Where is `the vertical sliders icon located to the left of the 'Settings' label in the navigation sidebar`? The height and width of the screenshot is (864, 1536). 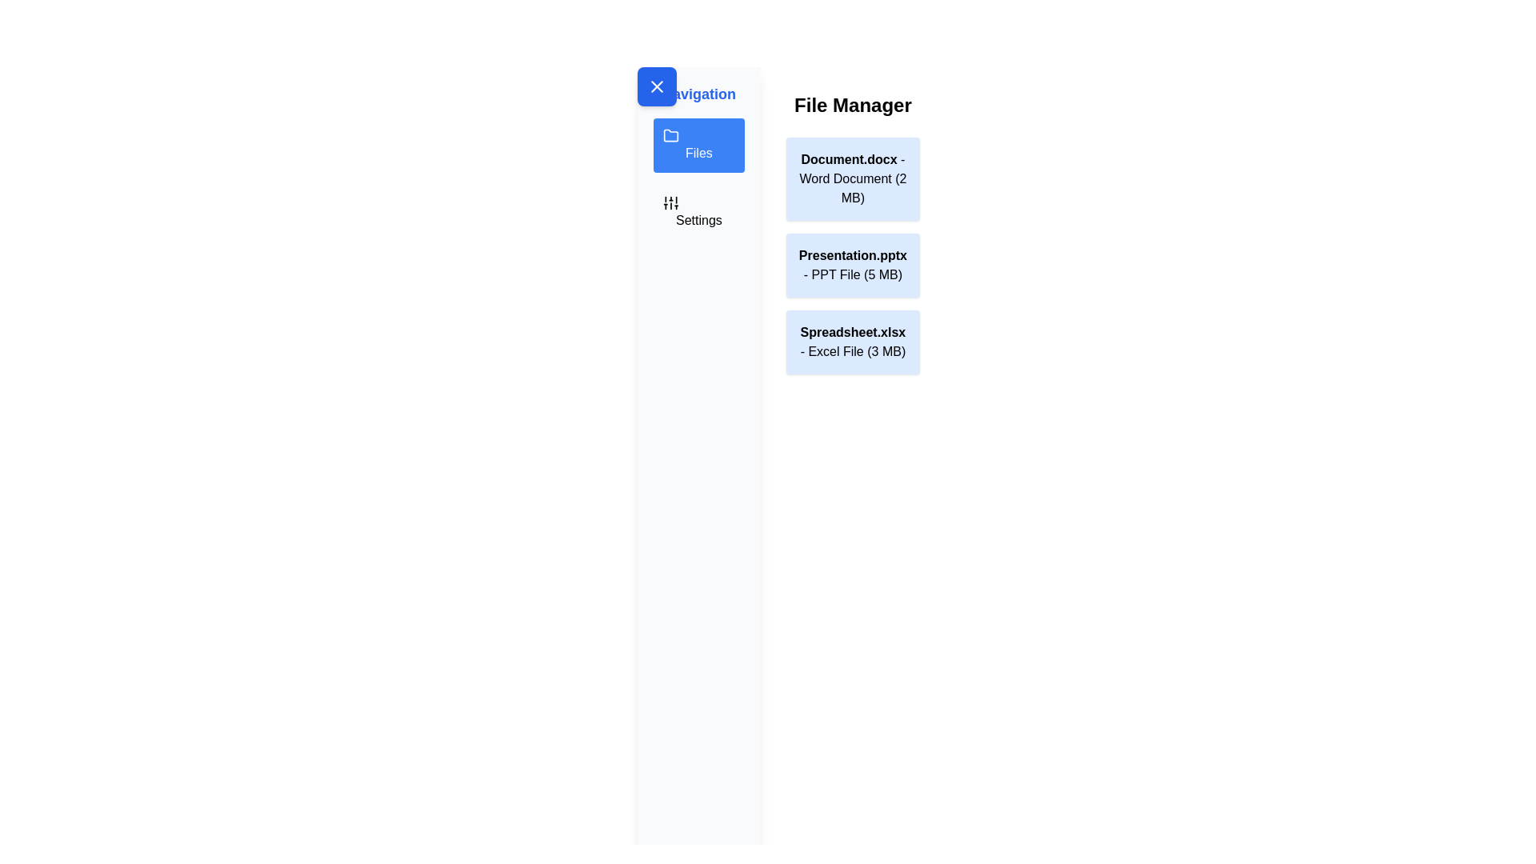
the vertical sliders icon located to the left of the 'Settings' label in the navigation sidebar is located at coordinates (671, 202).